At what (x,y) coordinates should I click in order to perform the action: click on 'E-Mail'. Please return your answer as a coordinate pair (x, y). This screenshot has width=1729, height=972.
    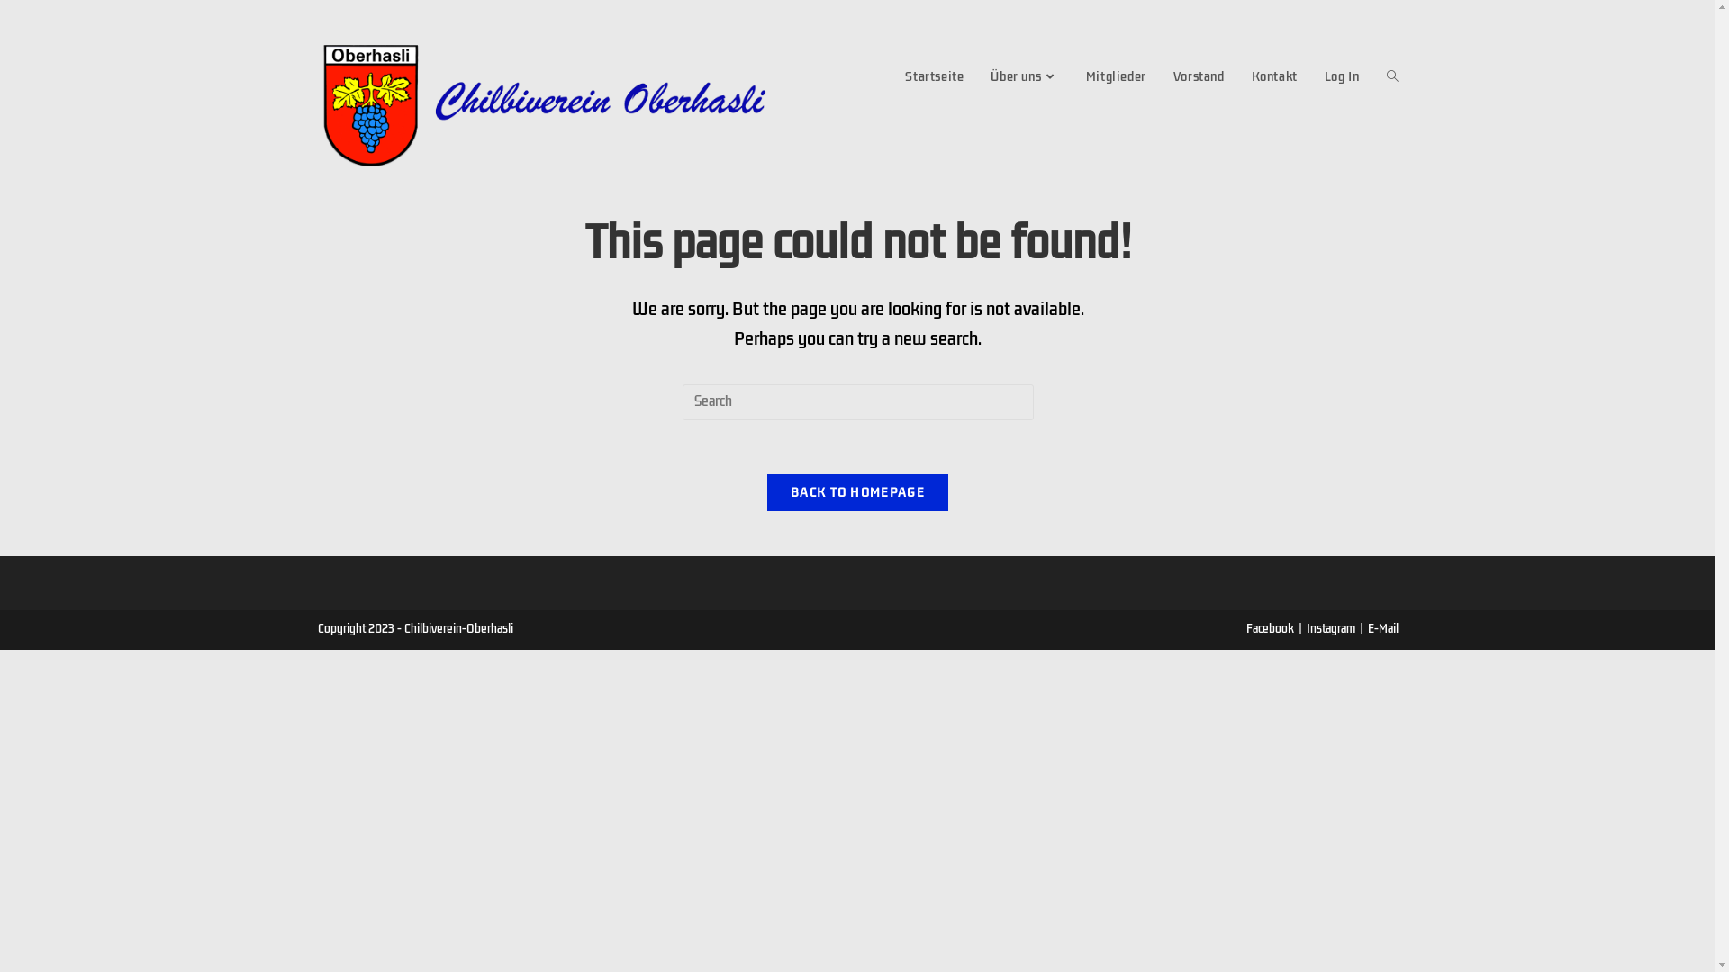
    Looking at the image, I should click on (1381, 627).